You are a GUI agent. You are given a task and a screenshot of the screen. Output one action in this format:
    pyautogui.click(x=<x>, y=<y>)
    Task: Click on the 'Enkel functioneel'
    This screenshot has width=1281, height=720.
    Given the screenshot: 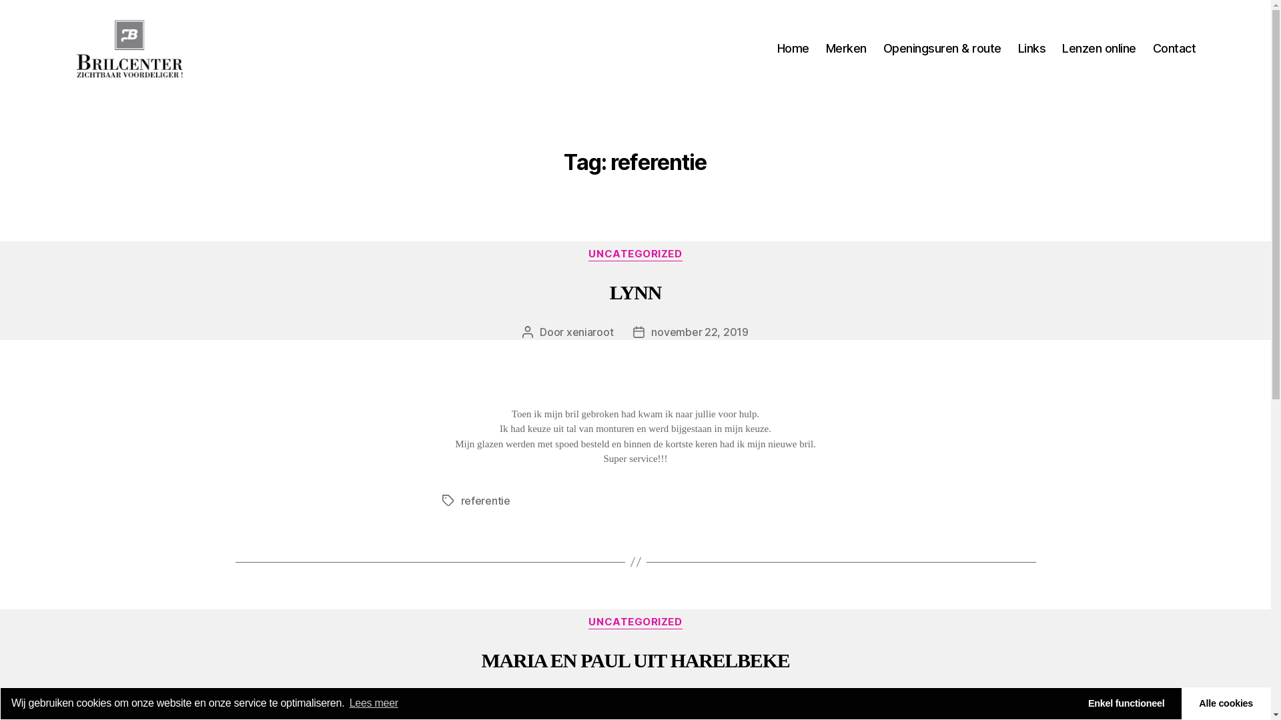 What is the action you would take?
    pyautogui.click(x=1126, y=703)
    